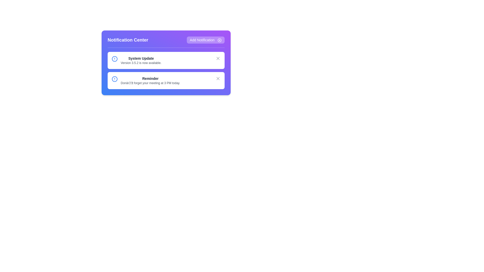 This screenshot has height=272, width=484. What do you see at coordinates (114, 59) in the screenshot?
I see `the circular icon with a blue border and a vertical exclamation mark within it, located to the left of the 'System Update' text in the Notification Center panel` at bounding box center [114, 59].